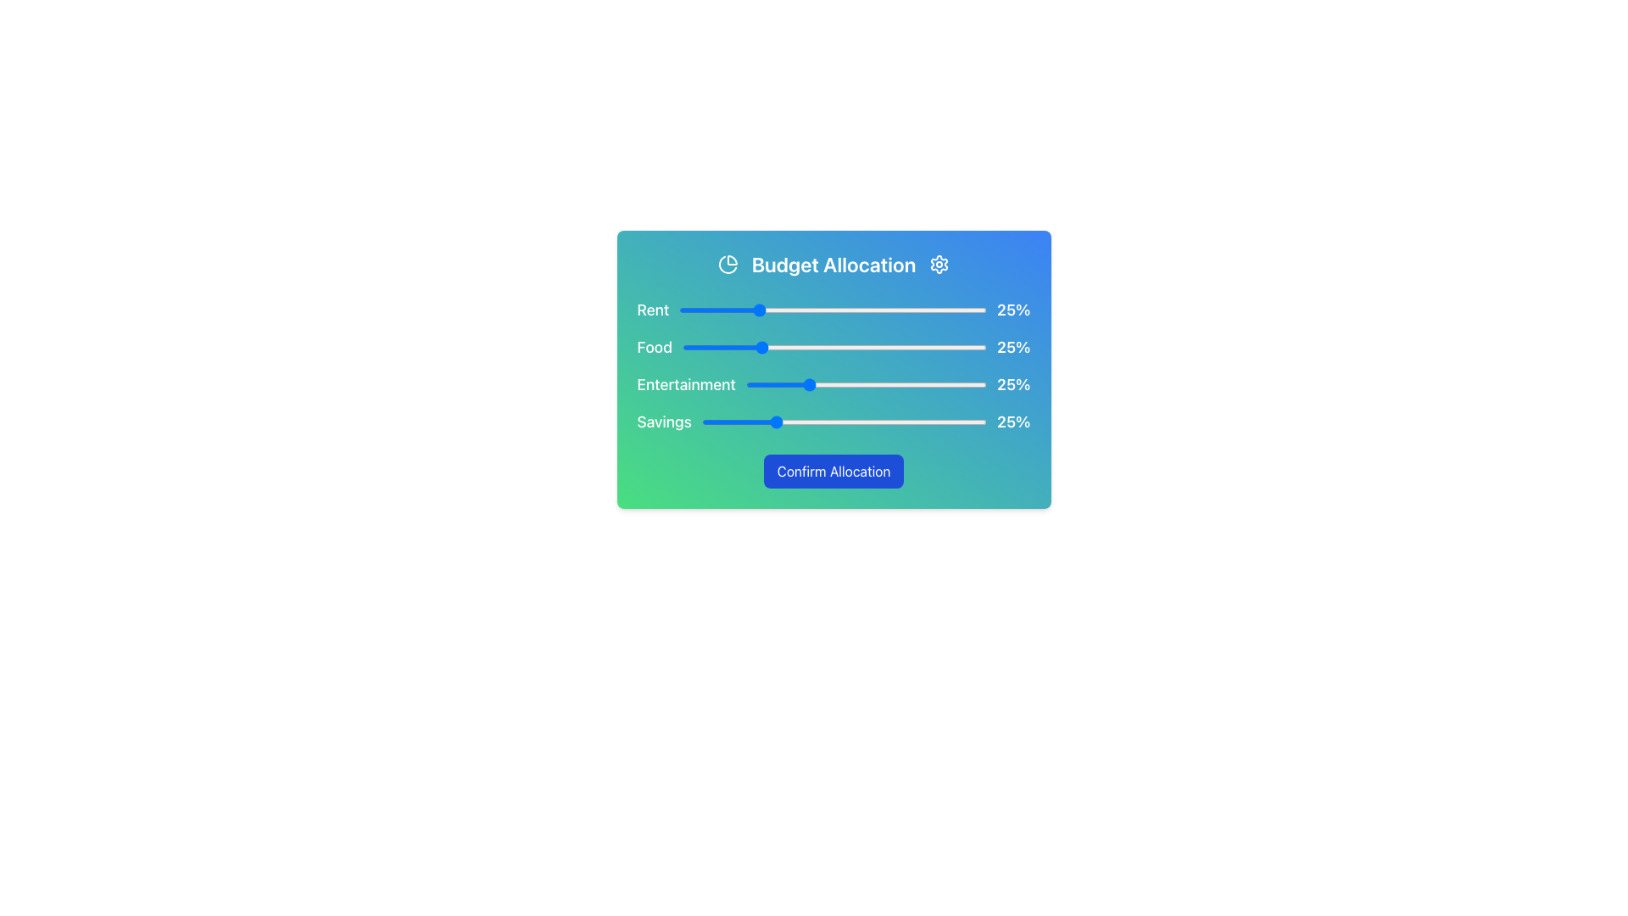 The width and height of the screenshot is (1628, 916). I want to click on the settings icon represented by a gear symbol with a white outline and blue background located at the rightmost side of the title bar labeled 'Budget Allocation', so click(939, 265).